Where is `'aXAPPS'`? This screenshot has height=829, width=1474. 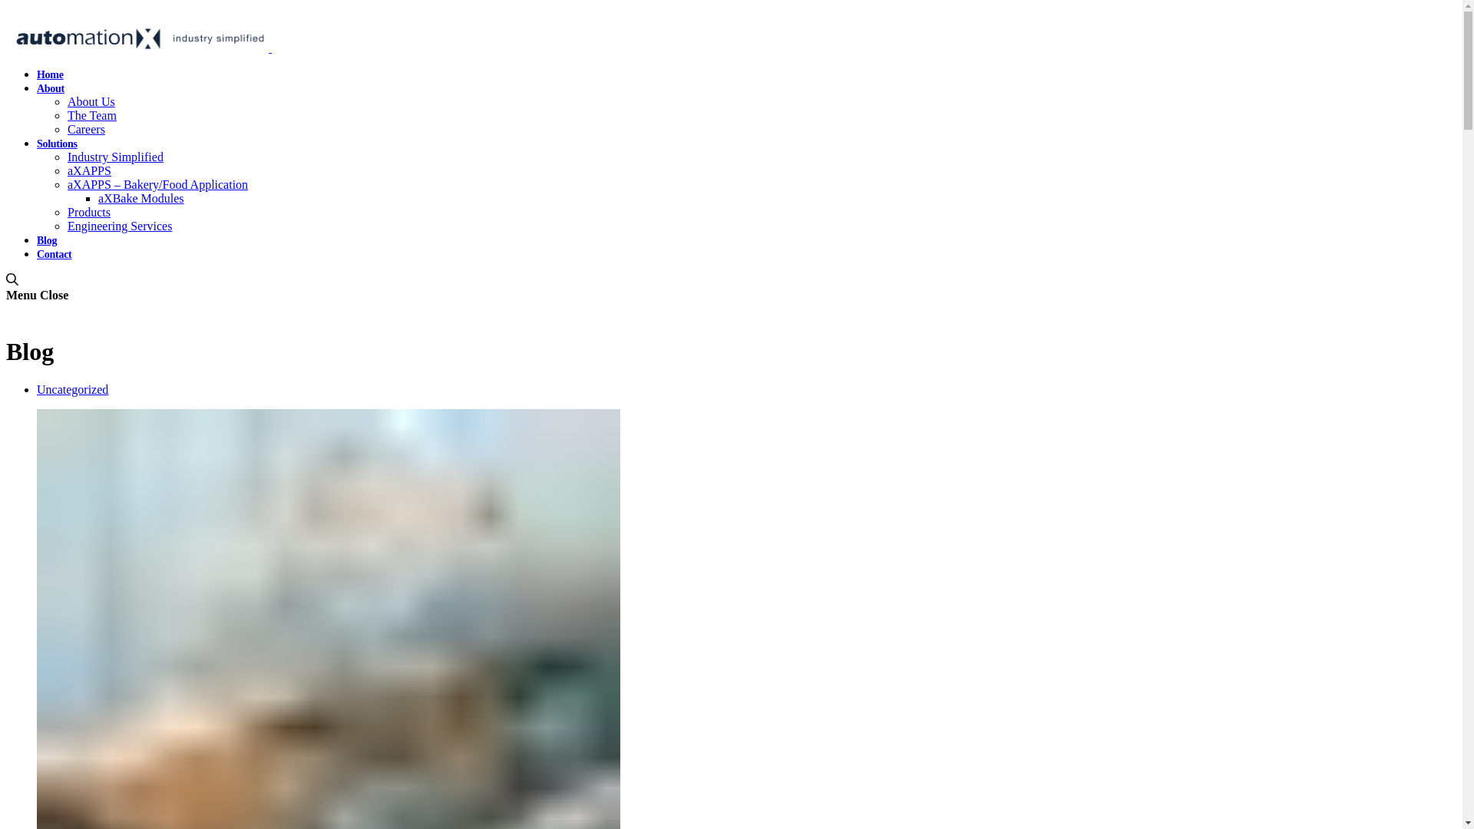
'aXAPPS' is located at coordinates (88, 170).